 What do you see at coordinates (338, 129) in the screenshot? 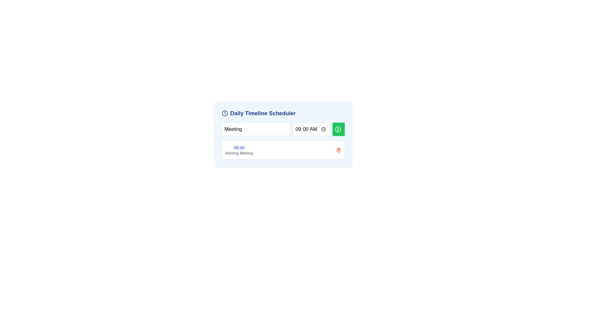
I see `the action button at the far right end of the row containing the 'Meeting' text input field and '09:00 AM' time input field` at bounding box center [338, 129].